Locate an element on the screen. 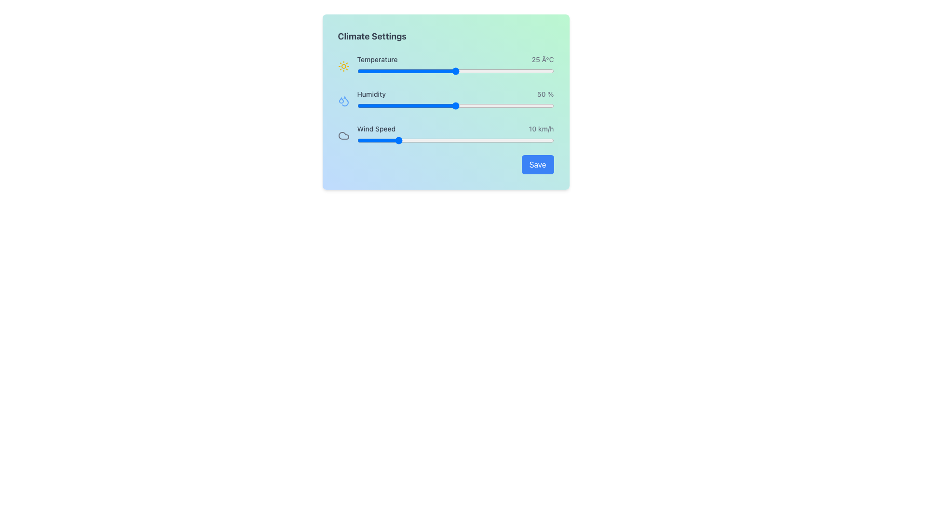  the slider is located at coordinates (514, 70).